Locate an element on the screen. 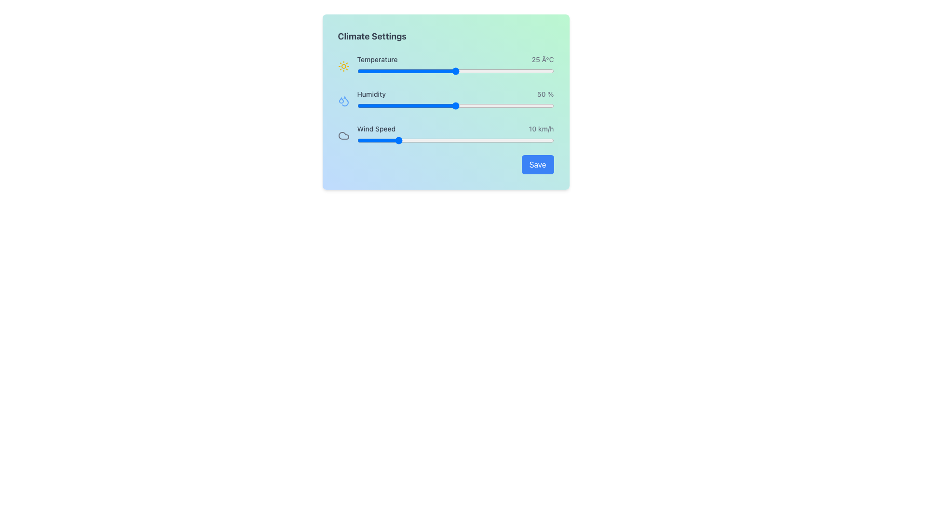  the slider is located at coordinates (514, 70).